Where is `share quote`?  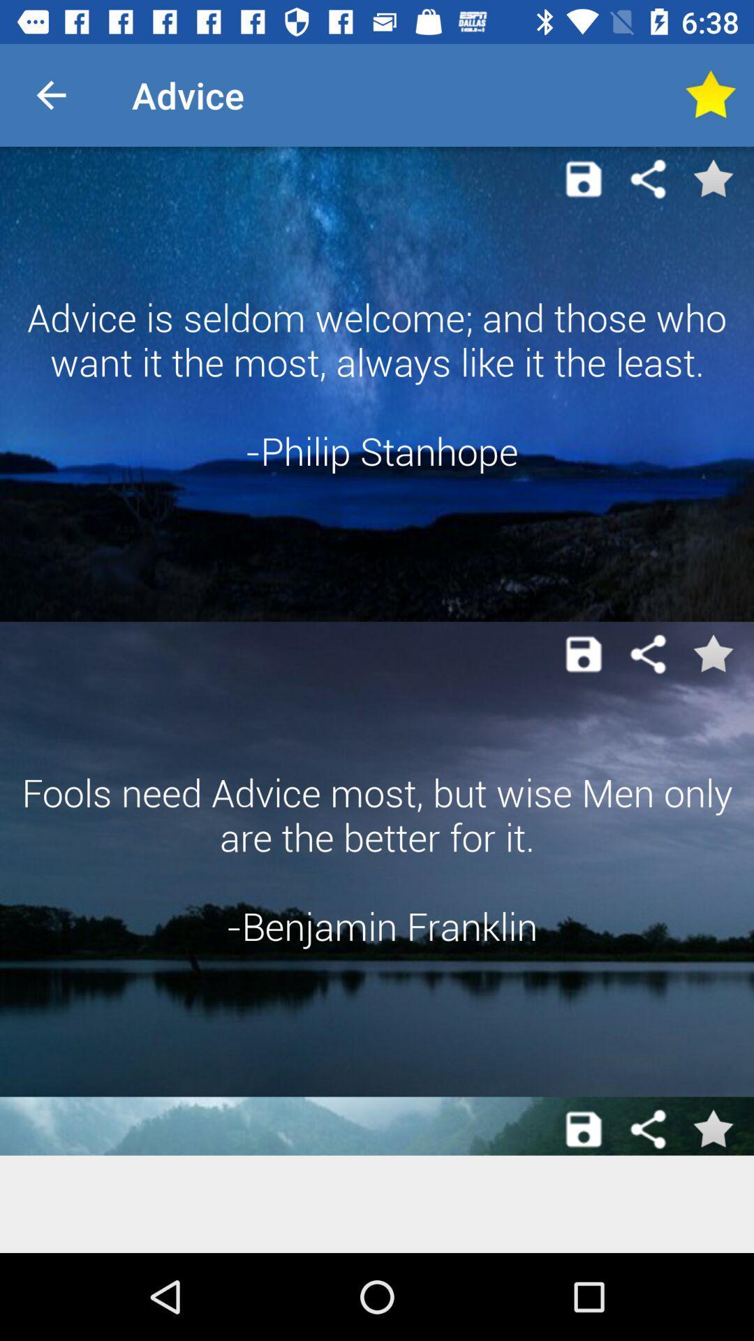 share quote is located at coordinates (648, 653).